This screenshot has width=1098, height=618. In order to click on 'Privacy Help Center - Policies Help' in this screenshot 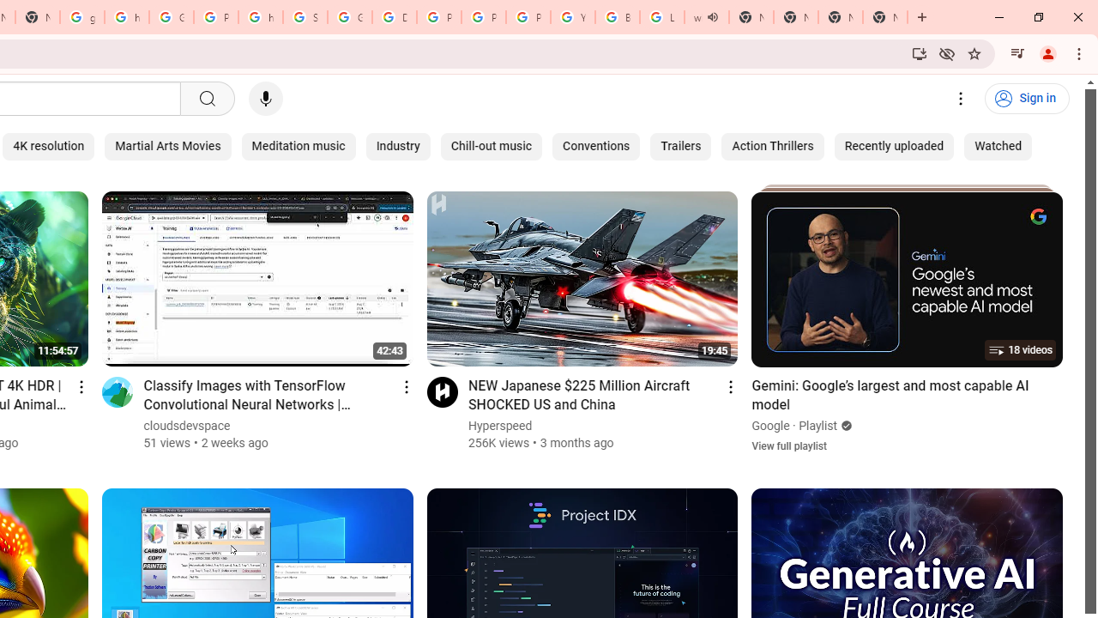, I will do `click(439, 17)`.